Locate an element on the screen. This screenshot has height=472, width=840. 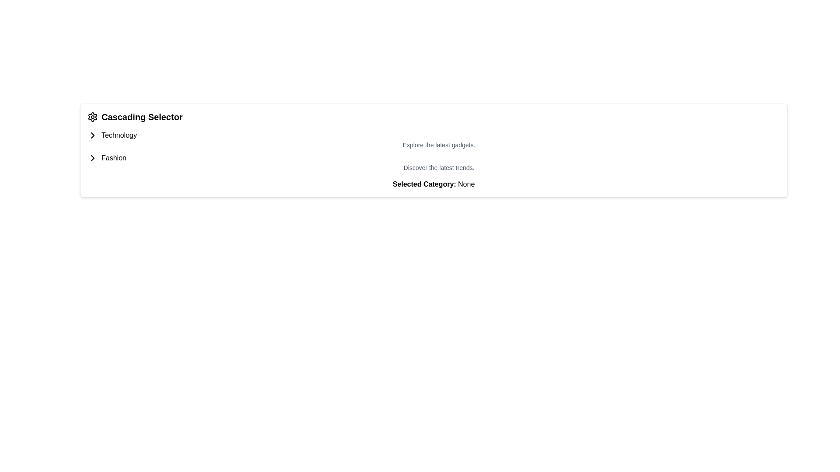
the Text Display that shows 'Explore the latest gadgets.' positioned below the 'Technology' label is located at coordinates (434, 144).